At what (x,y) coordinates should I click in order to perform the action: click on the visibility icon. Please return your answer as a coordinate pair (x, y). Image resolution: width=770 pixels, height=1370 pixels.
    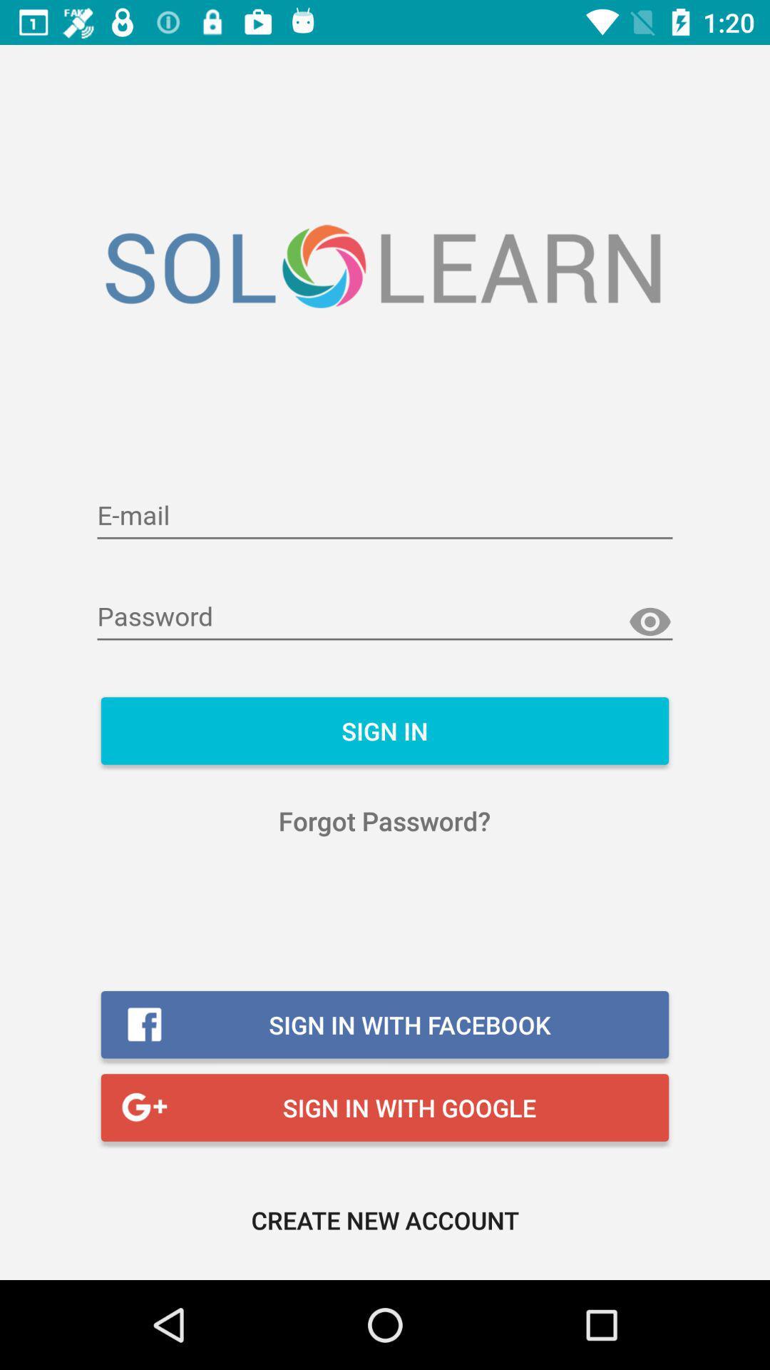
    Looking at the image, I should click on (650, 622).